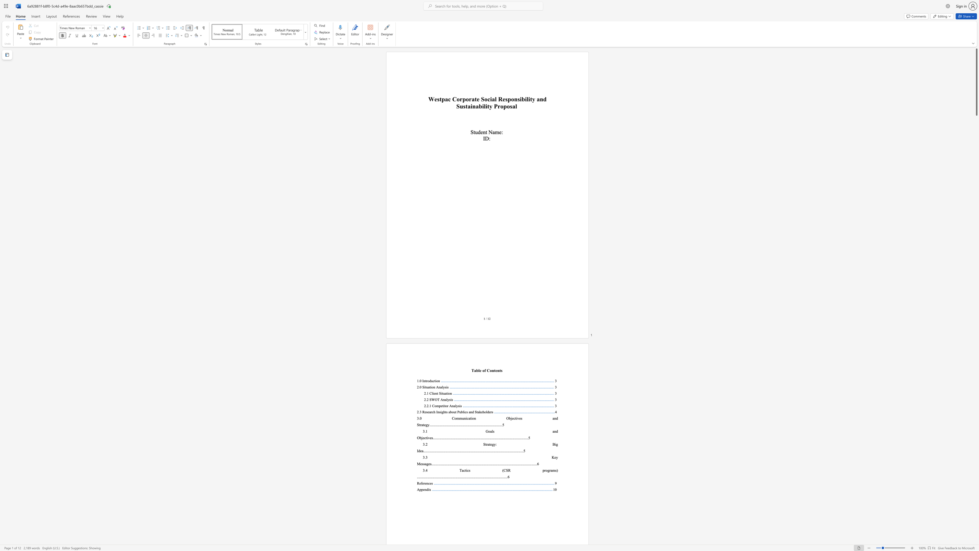  What do you see at coordinates (418, 483) in the screenshot?
I see `the 1th character "R" in the text` at bounding box center [418, 483].